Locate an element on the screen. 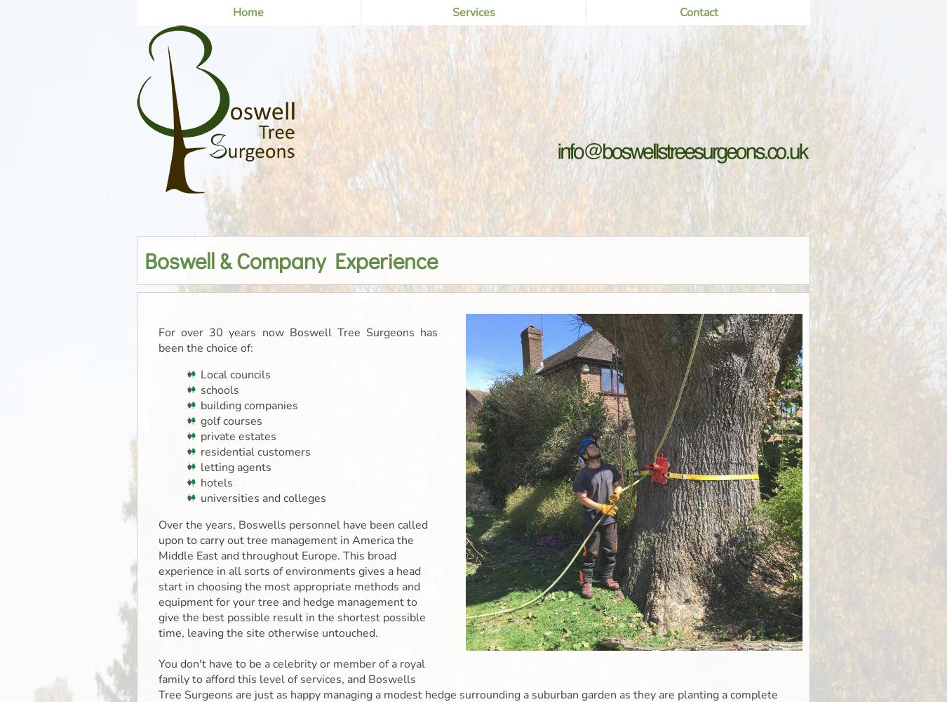  'schools' is located at coordinates (200, 390).